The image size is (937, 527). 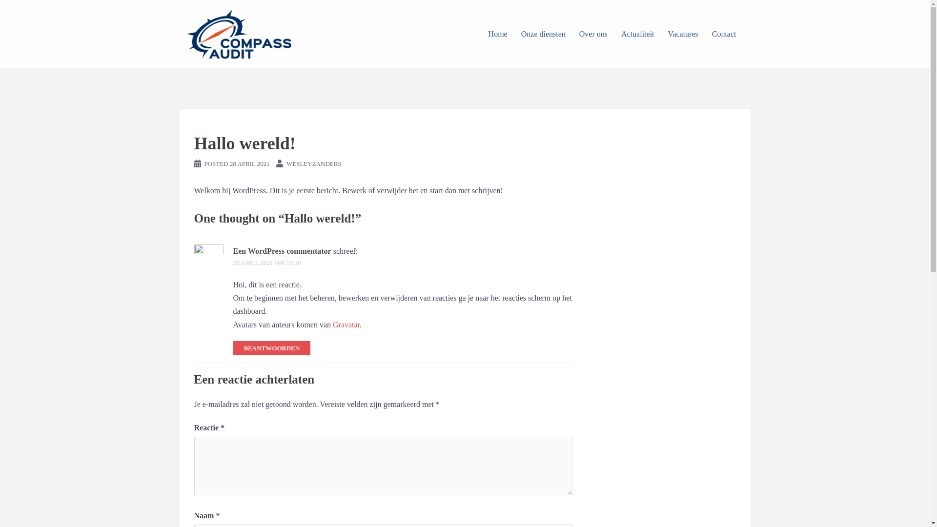 What do you see at coordinates (282, 250) in the screenshot?
I see `'Een WordPress commentator'` at bounding box center [282, 250].